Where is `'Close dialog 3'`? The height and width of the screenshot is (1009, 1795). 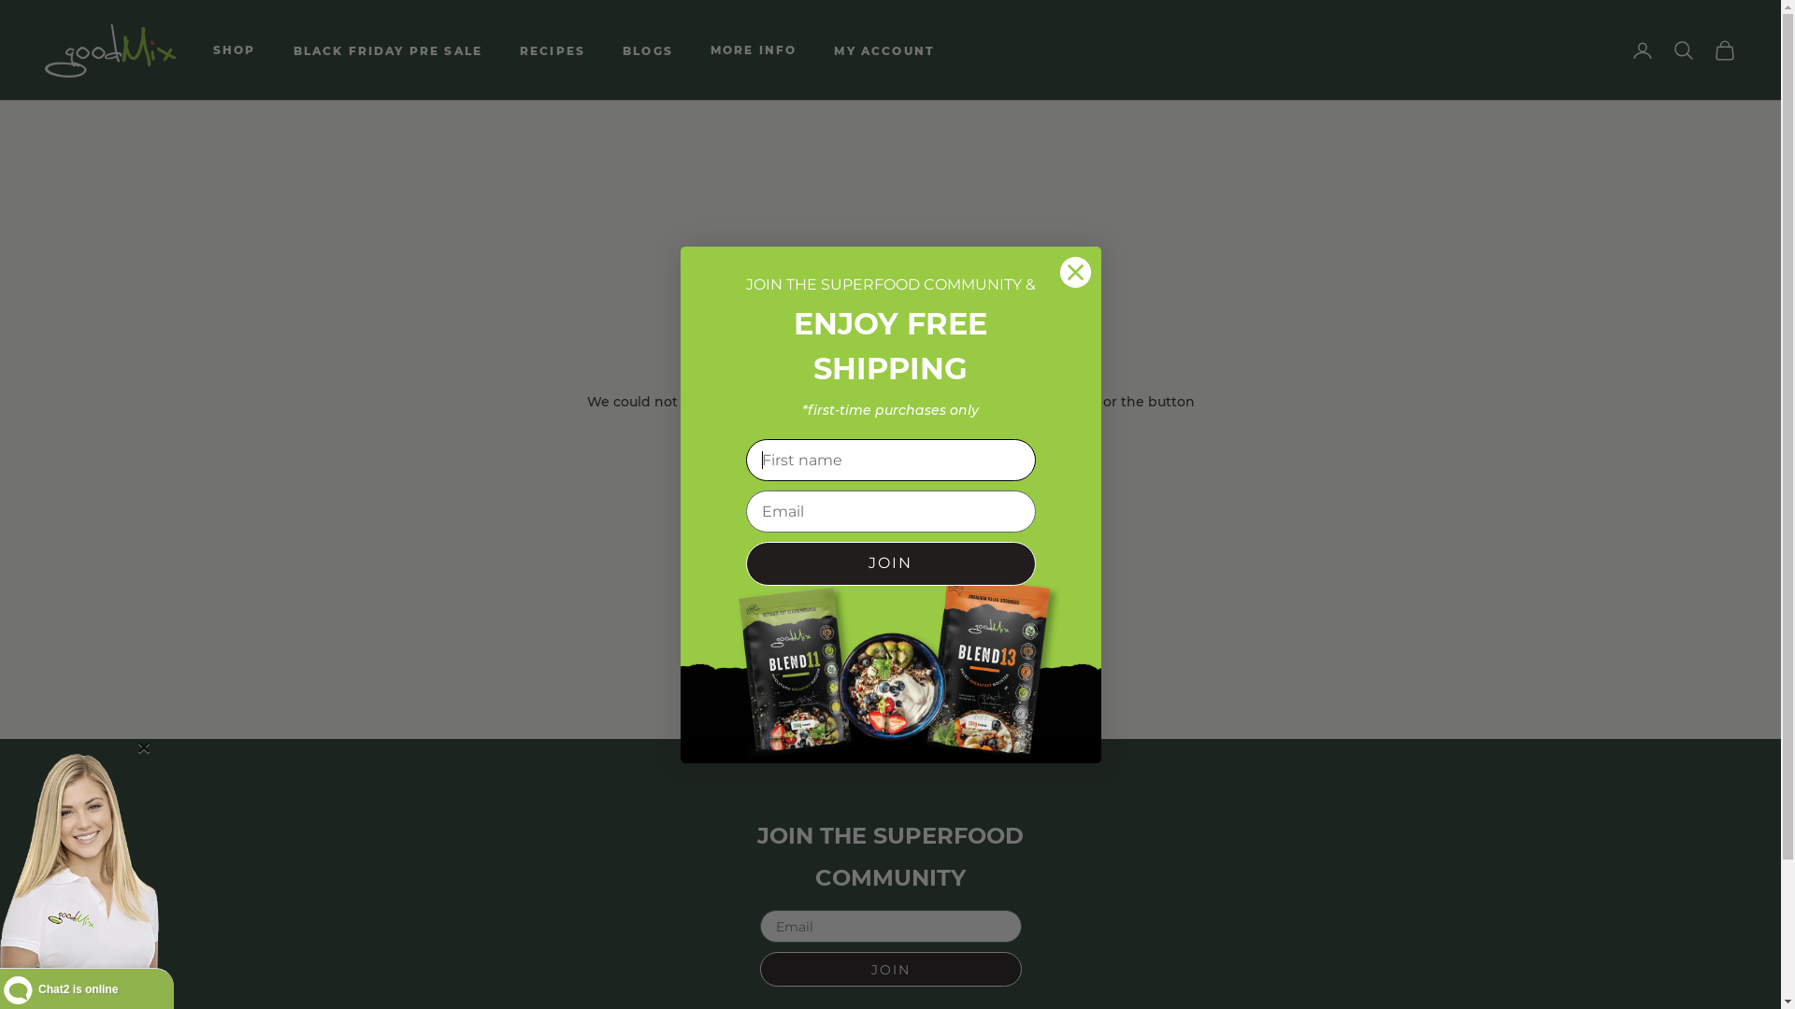 'Close dialog 3' is located at coordinates (1074, 272).